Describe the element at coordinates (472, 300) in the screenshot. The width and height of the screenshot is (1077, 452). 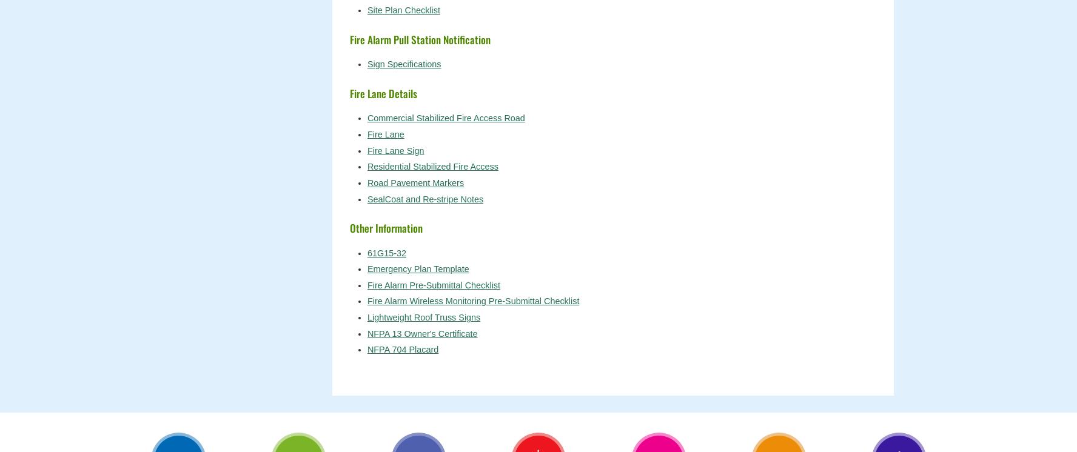
I see `'Fire Alarm Wireless Monitoring Pre-Submittal Checklist'` at that location.